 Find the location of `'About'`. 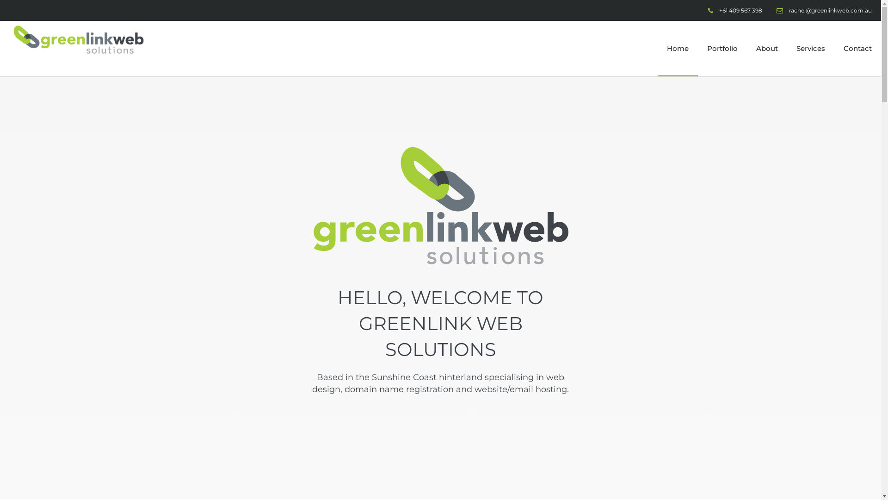

'About' is located at coordinates (746, 48).